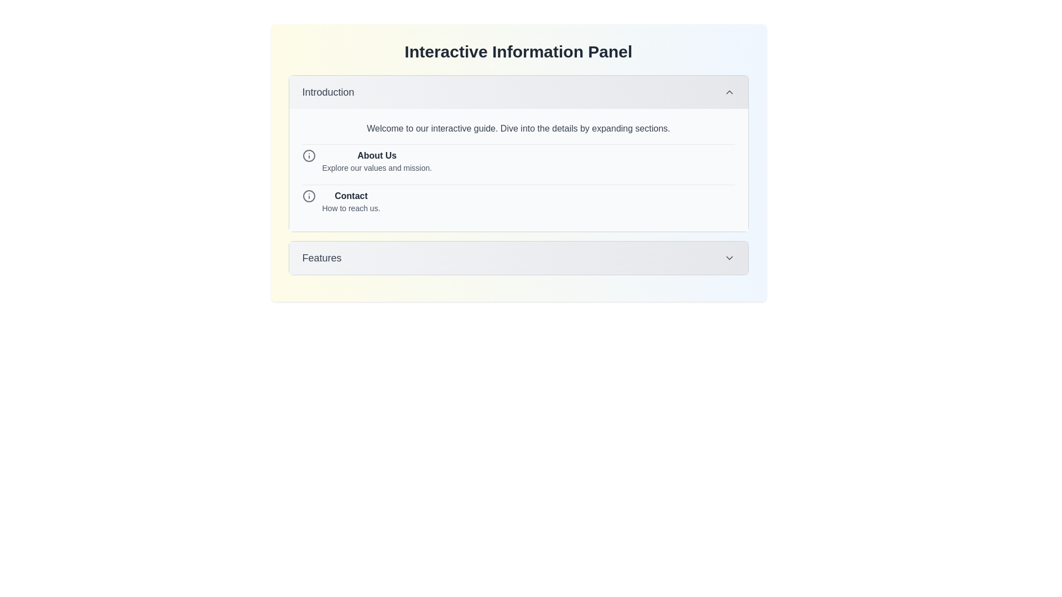 Image resolution: width=1062 pixels, height=597 pixels. What do you see at coordinates (350, 195) in the screenshot?
I see `the text label displaying 'Contact' in bold, dark gray font located under the 'Introduction' section, above the description 'How to reach us'` at bounding box center [350, 195].